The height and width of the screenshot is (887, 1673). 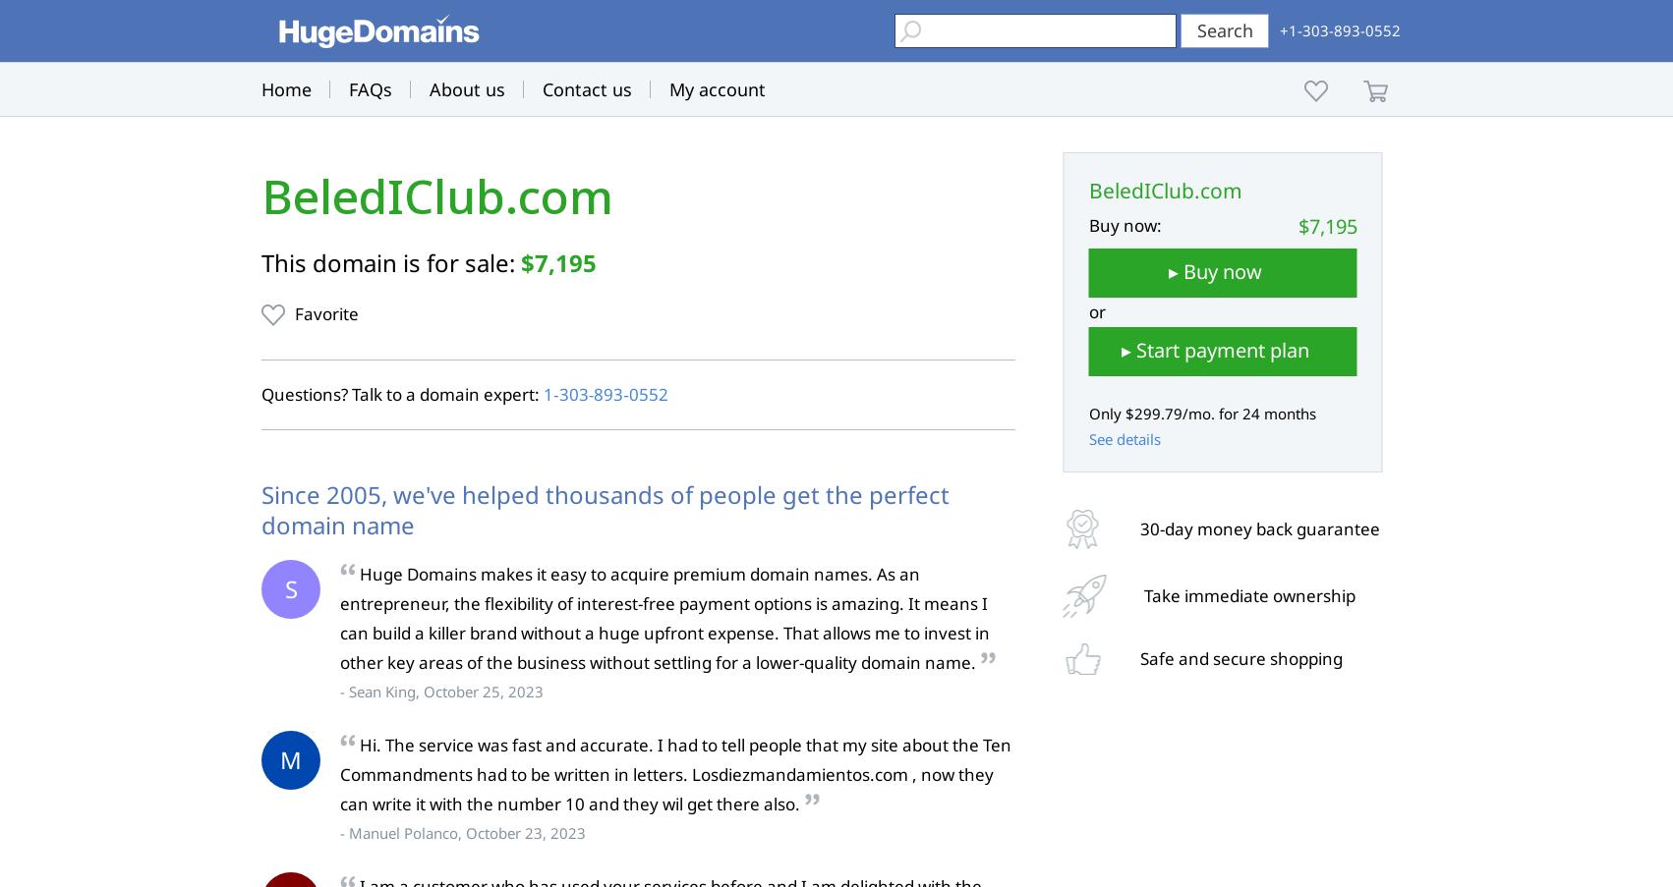 I want to click on 'FAQs', so click(x=370, y=89).